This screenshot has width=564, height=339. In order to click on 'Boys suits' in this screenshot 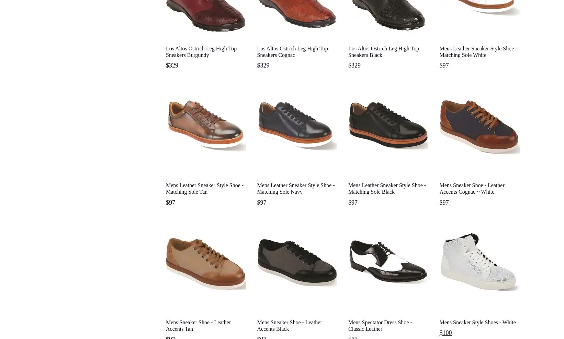, I will do `click(296, 273)`.